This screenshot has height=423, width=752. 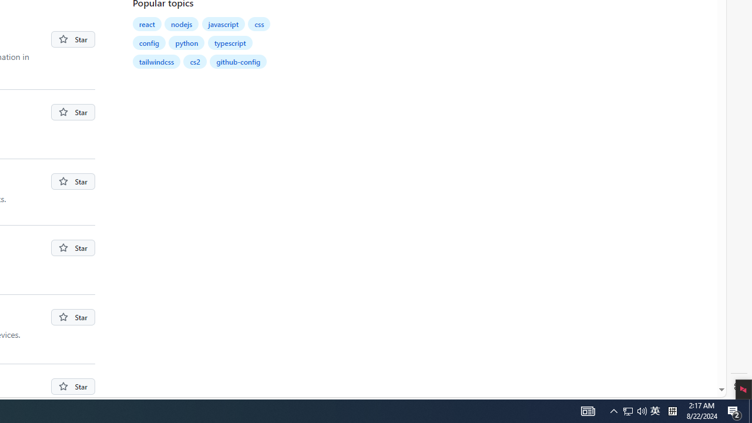 What do you see at coordinates (238, 62) in the screenshot?
I see `'github-config'` at bounding box center [238, 62].